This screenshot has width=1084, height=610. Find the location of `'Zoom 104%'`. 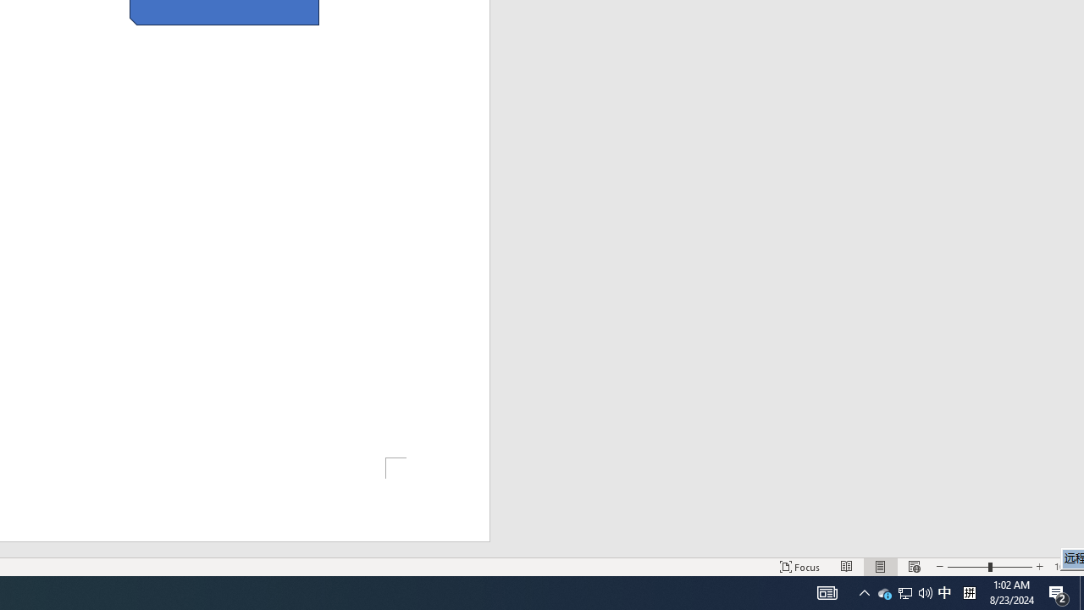

'Zoom 104%' is located at coordinates (1065, 567).